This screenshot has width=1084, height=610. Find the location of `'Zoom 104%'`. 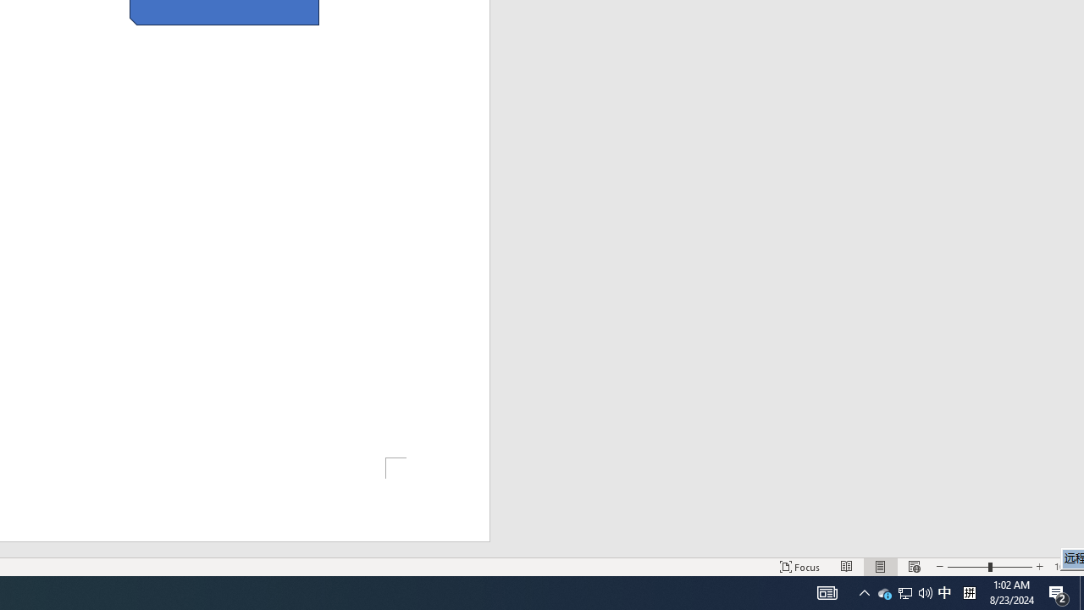

'Zoom 104%' is located at coordinates (1065, 567).